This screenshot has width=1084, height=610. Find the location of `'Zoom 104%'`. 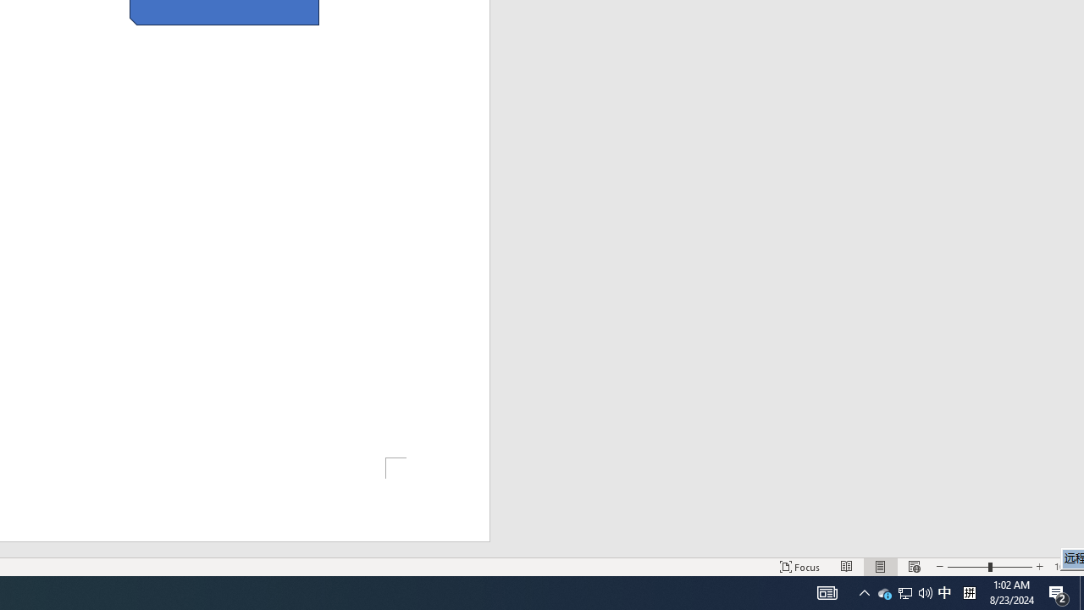

'Zoom 104%' is located at coordinates (1065, 567).